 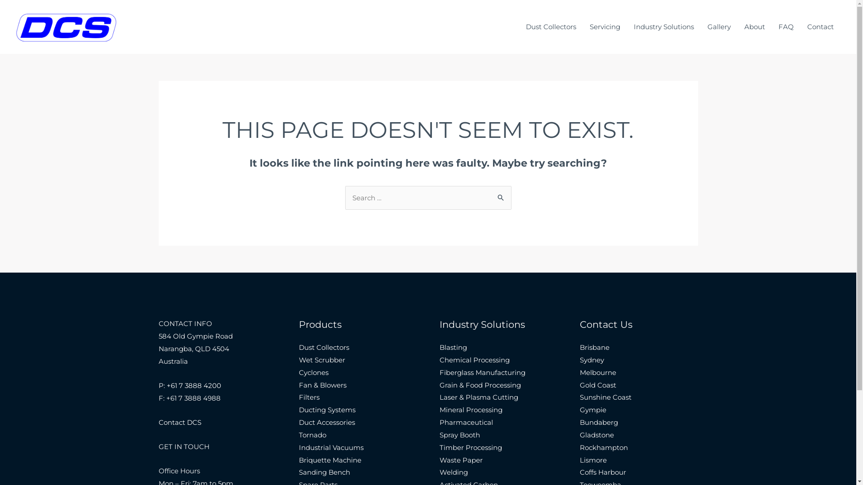 What do you see at coordinates (593, 460) in the screenshot?
I see `'Lismore'` at bounding box center [593, 460].